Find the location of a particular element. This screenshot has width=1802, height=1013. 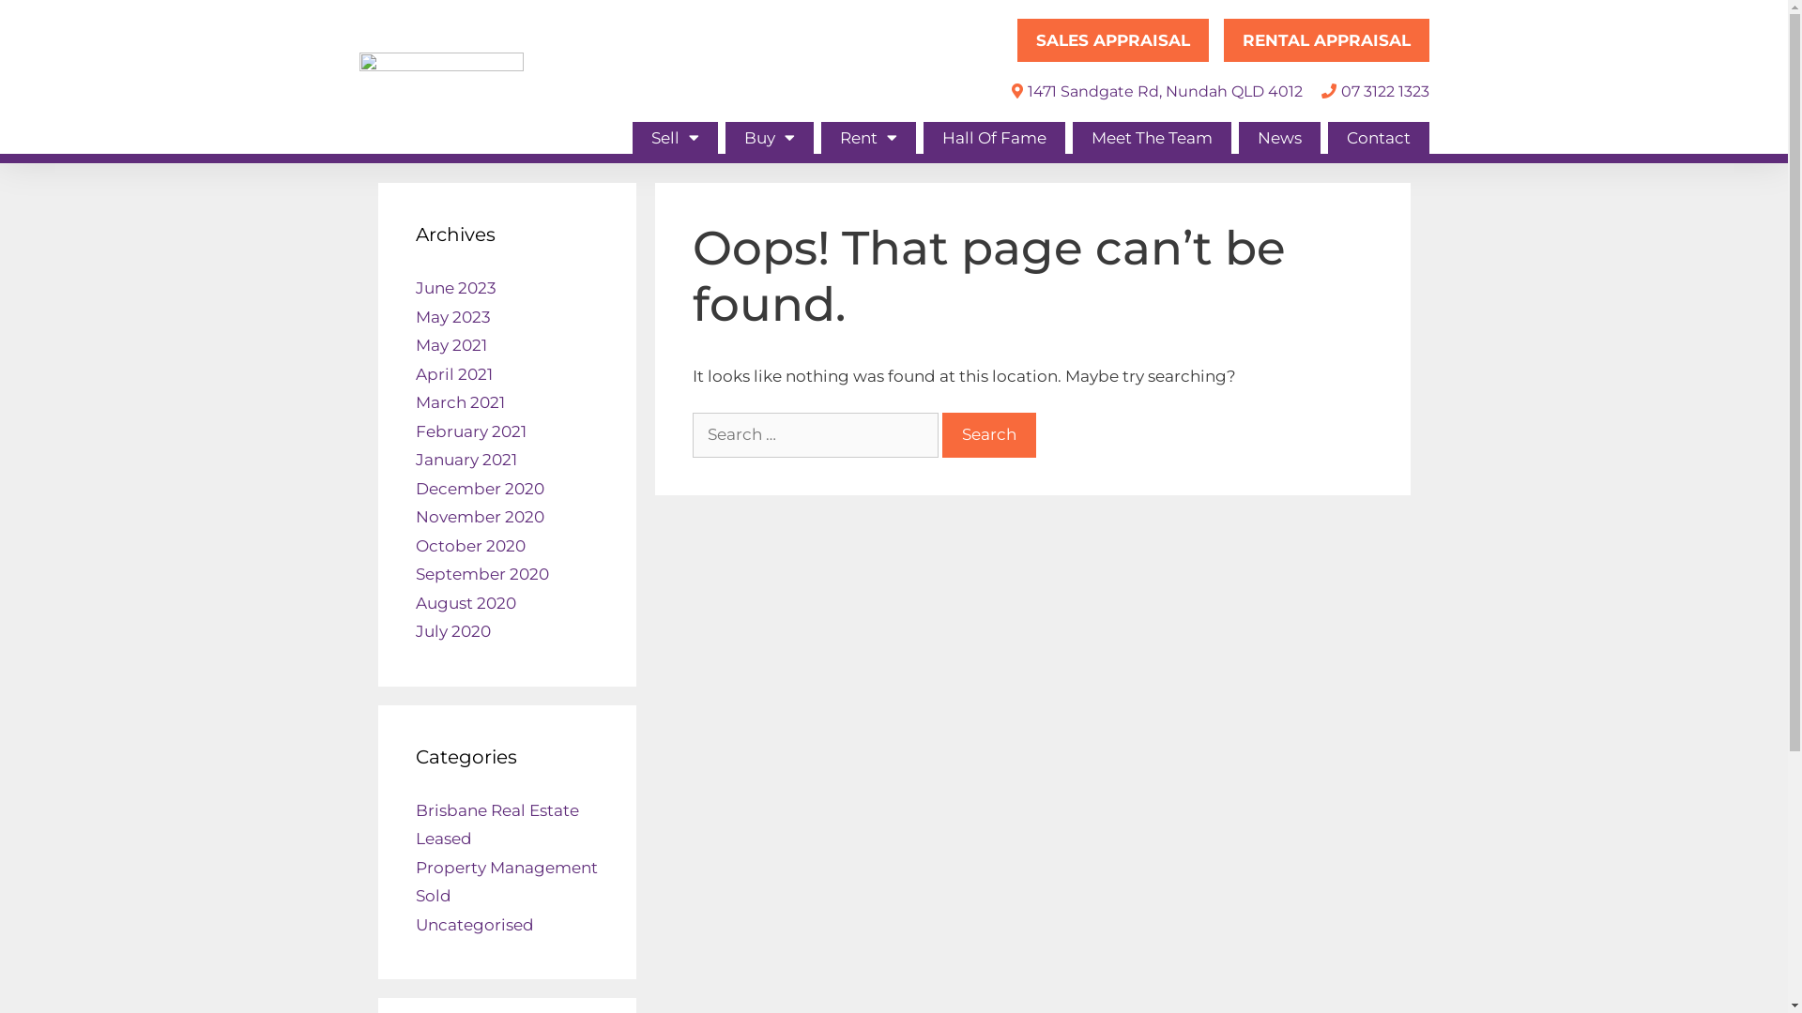

'February 2021' is located at coordinates (469, 431).